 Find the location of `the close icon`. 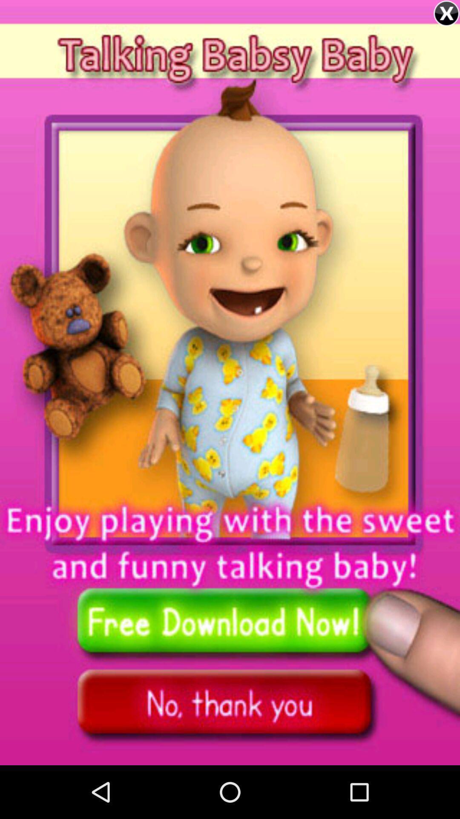

the close icon is located at coordinates (446, 14).